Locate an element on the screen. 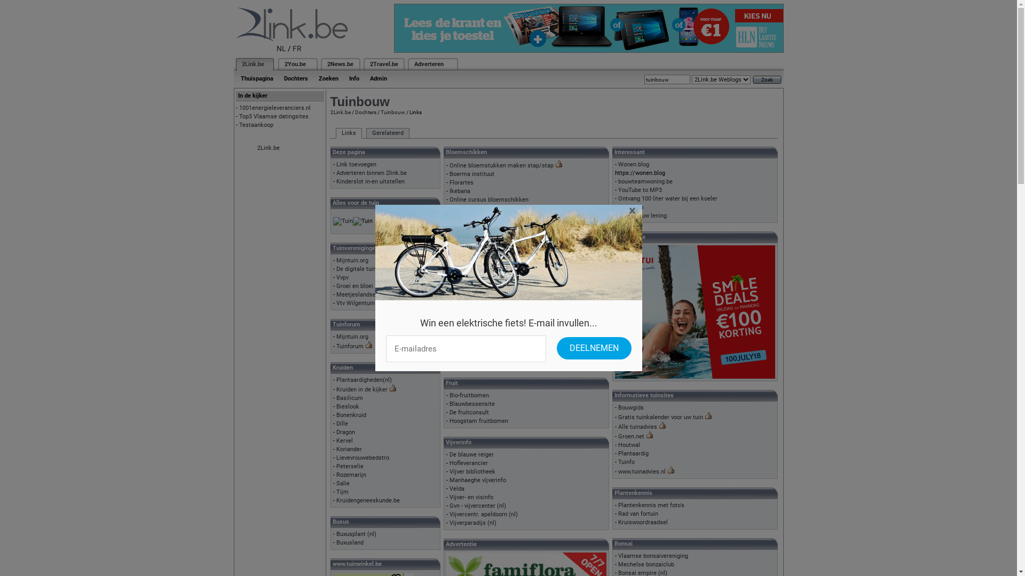  'Kervel' is located at coordinates (344, 441).